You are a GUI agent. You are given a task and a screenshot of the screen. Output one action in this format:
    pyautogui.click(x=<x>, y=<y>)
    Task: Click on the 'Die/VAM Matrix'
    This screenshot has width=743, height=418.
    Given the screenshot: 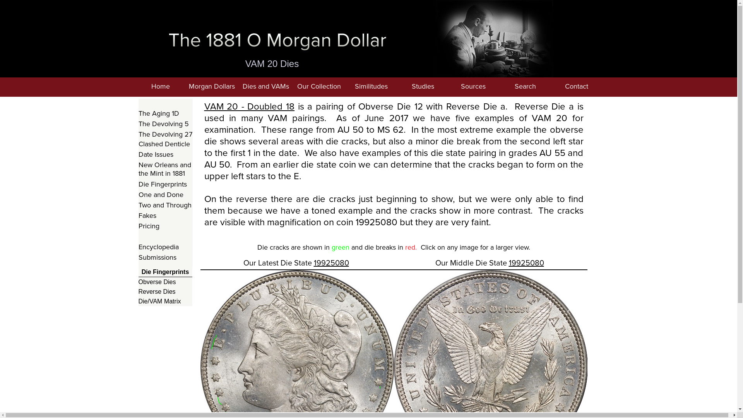 What is the action you would take?
    pyautogui.click(x=165, y=301)
    